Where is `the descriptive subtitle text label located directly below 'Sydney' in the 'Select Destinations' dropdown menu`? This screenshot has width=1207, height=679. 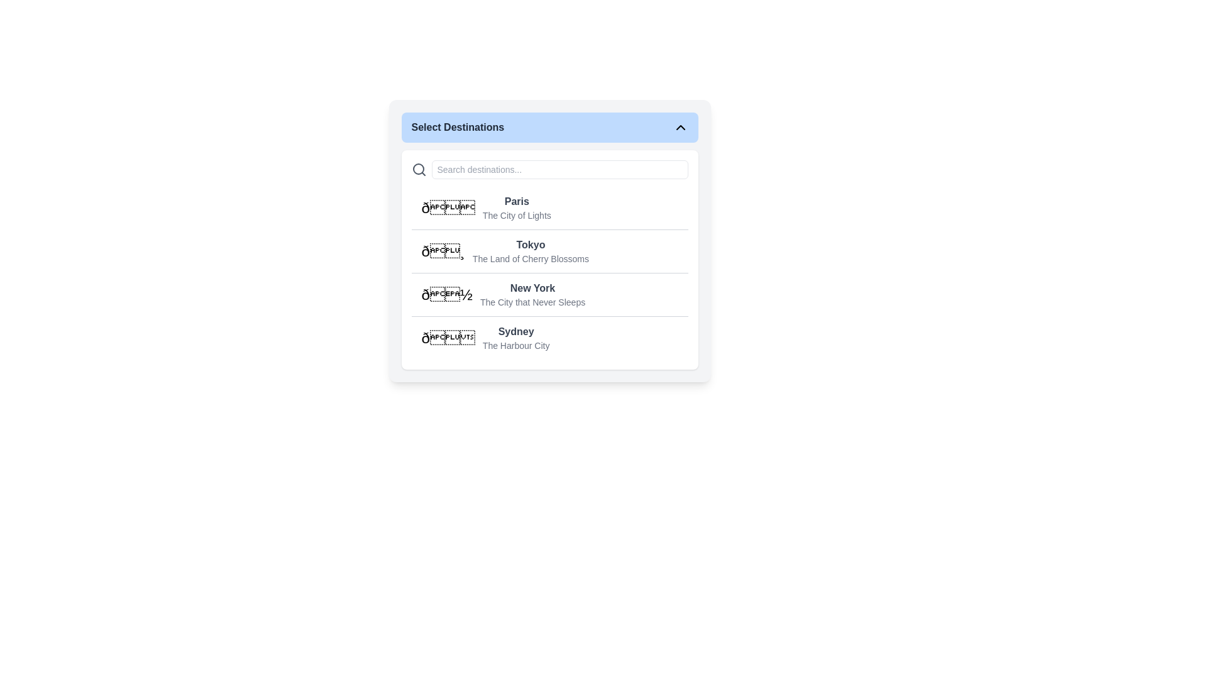
the descriptive subtitle text label located directly below 'Sydney' in the 'Select Destinations' dropdown menu is located at coordinates (516, 346).